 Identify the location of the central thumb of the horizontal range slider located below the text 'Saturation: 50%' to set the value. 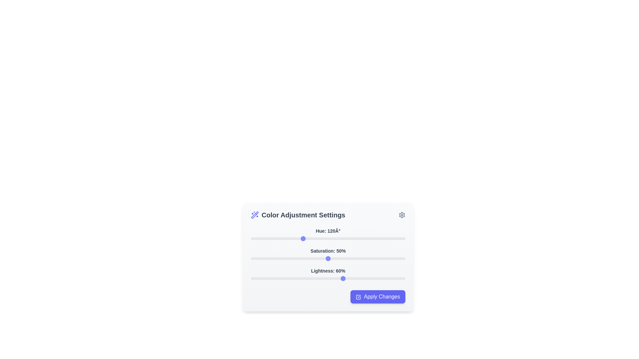
(328, 258).